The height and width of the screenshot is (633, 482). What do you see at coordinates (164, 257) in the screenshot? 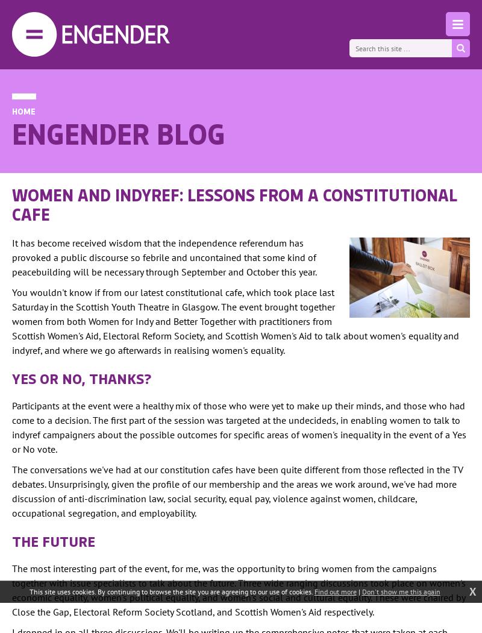
I see `'It has become received wisdom that the independence referendum has provoked a public discourse so febrile and uncontained that some kind of peacebuilding will be necessary through September and October this year.'` at bounding box center [164, 257].